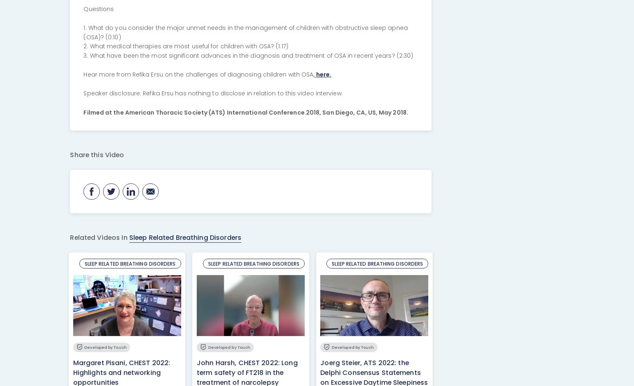  What do you see at coordinates (83, 93) in the screenshot?
I see `'Speaker disclosure: Refika Ersu has nothing to disclose in relation to this video interview.'` at bounding box center [83, 93].